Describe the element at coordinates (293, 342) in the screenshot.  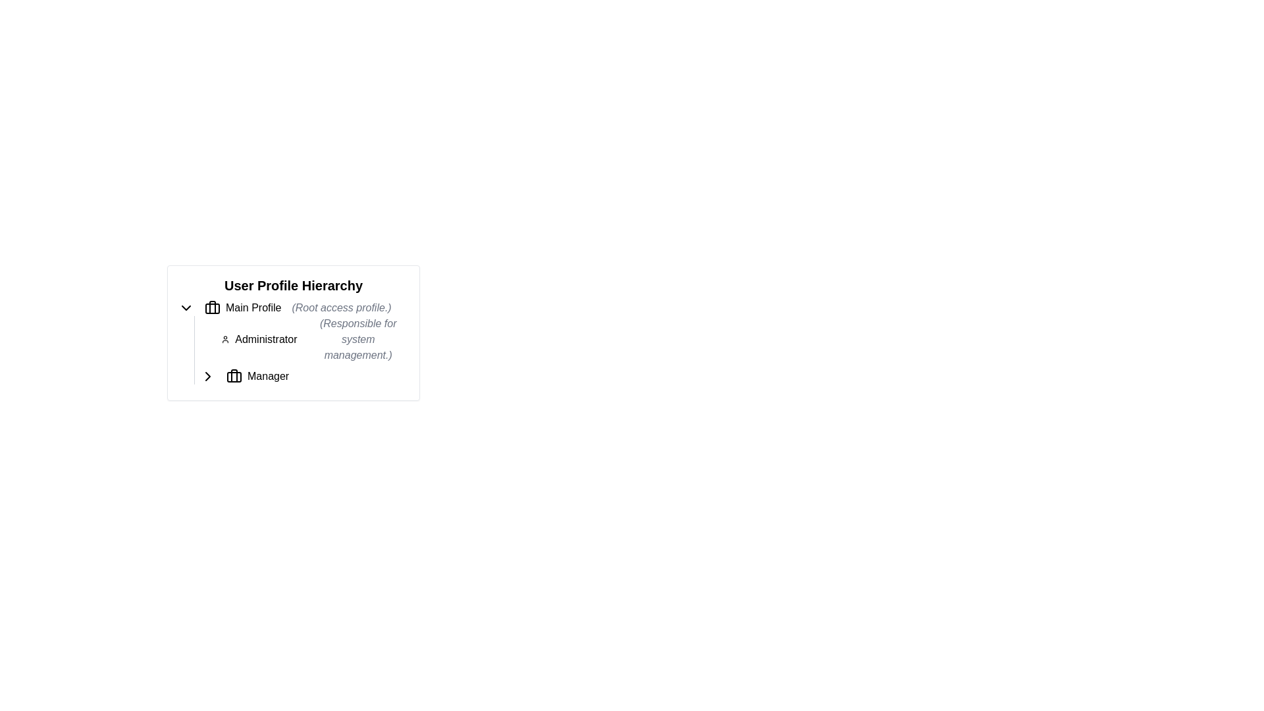
I see `the hierarchical structure of roles under the 'User Profile Hierarchy' section, which includes entries like 'Main Profile,' 'Administrator,' and 'Manager.'` at that location.